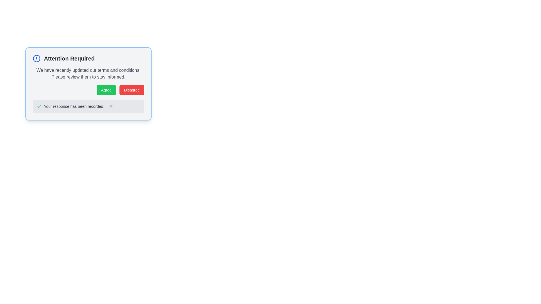  Describe the element at coordinates (131, 90) in the screenshot. I see `the rectangular button with a red background and white text that reads 'Disagree'` at that location.